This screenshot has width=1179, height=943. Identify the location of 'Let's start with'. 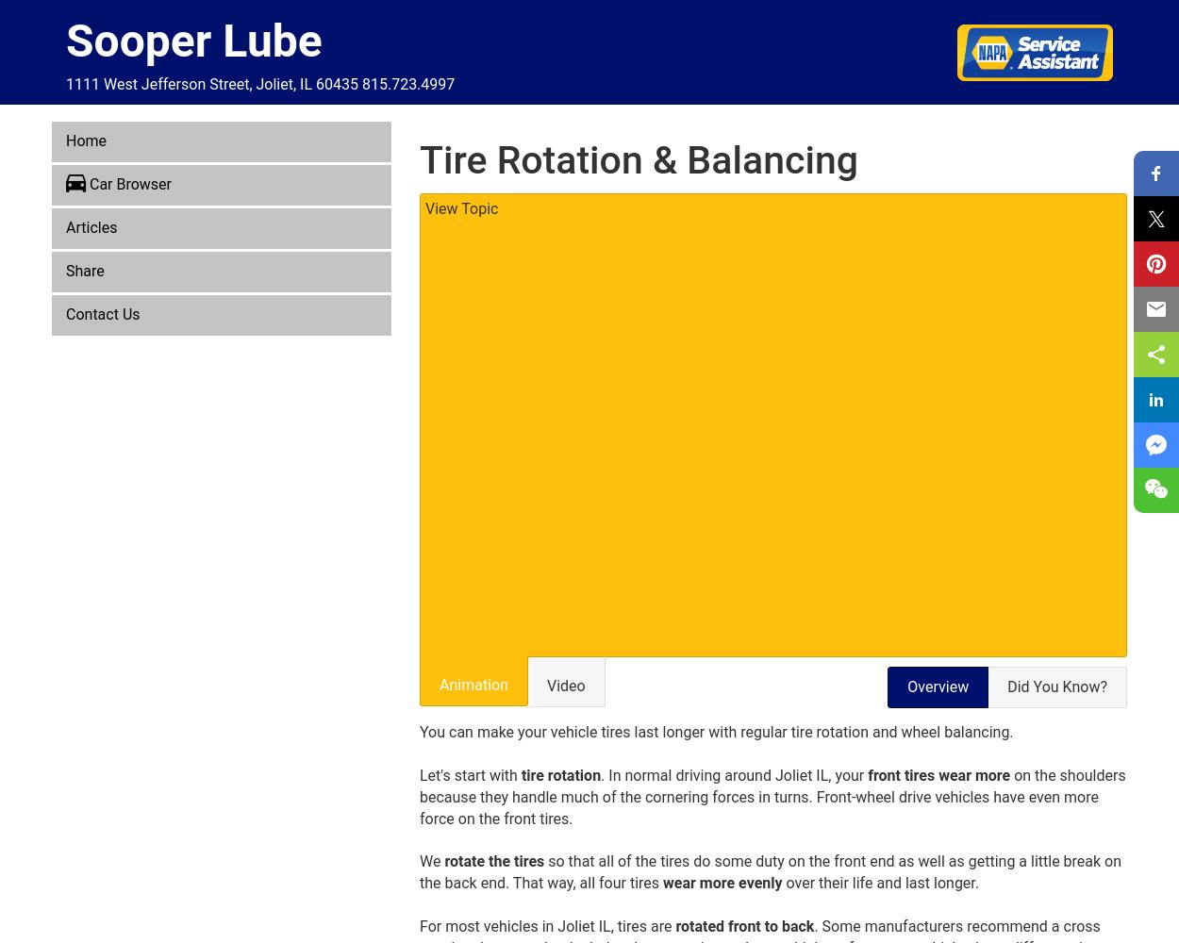
(419, 774).